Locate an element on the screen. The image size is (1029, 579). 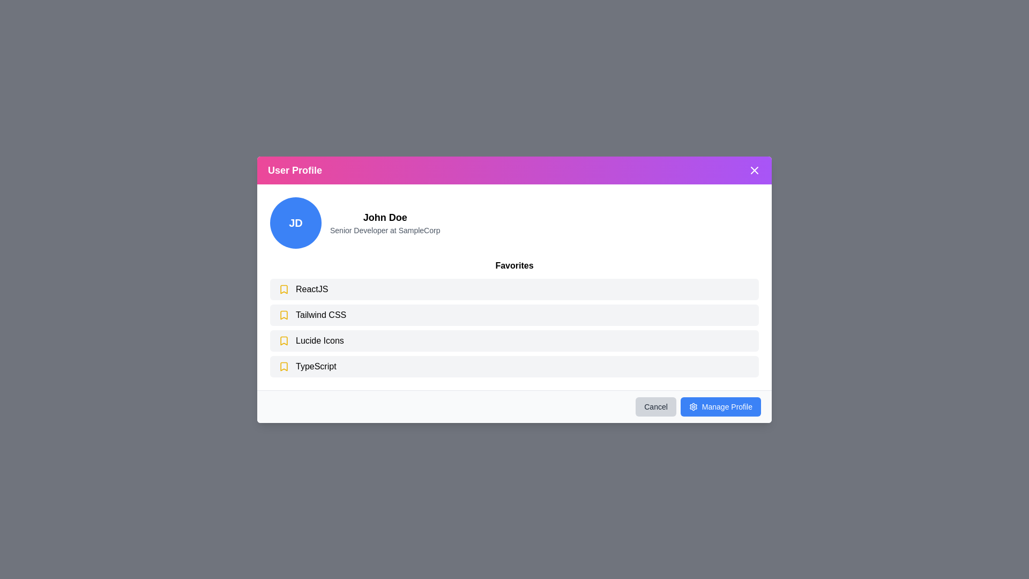
the static text element located beneath 'John Doe' in the user profile section, which provides additional information about the user's role and organization is located at coordinates (385, 229).